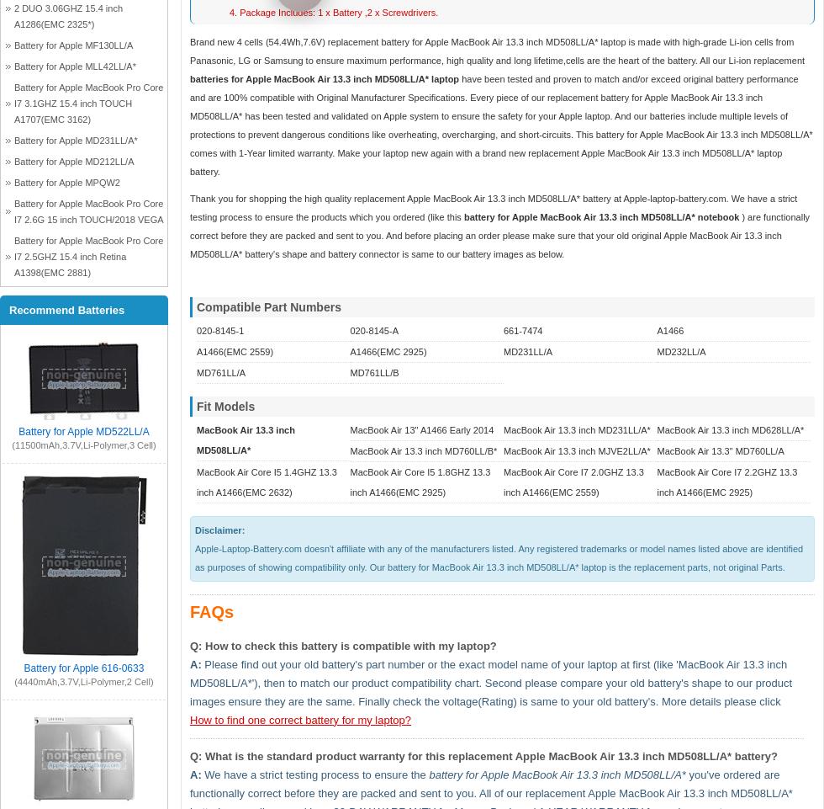 This screenshot has height=809, width=824. I want to click on 'MacBook Air 13" A1466 Early 2014', so click(421, 429).